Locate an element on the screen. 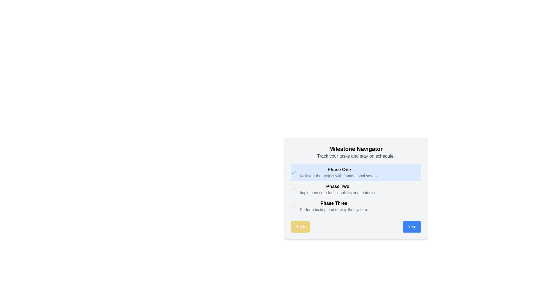 This screenshot has height=303, width=539. the checkmark icon indicating the completion status of 'Phase Two' in the project phases list is located at coordinates (293, 189).